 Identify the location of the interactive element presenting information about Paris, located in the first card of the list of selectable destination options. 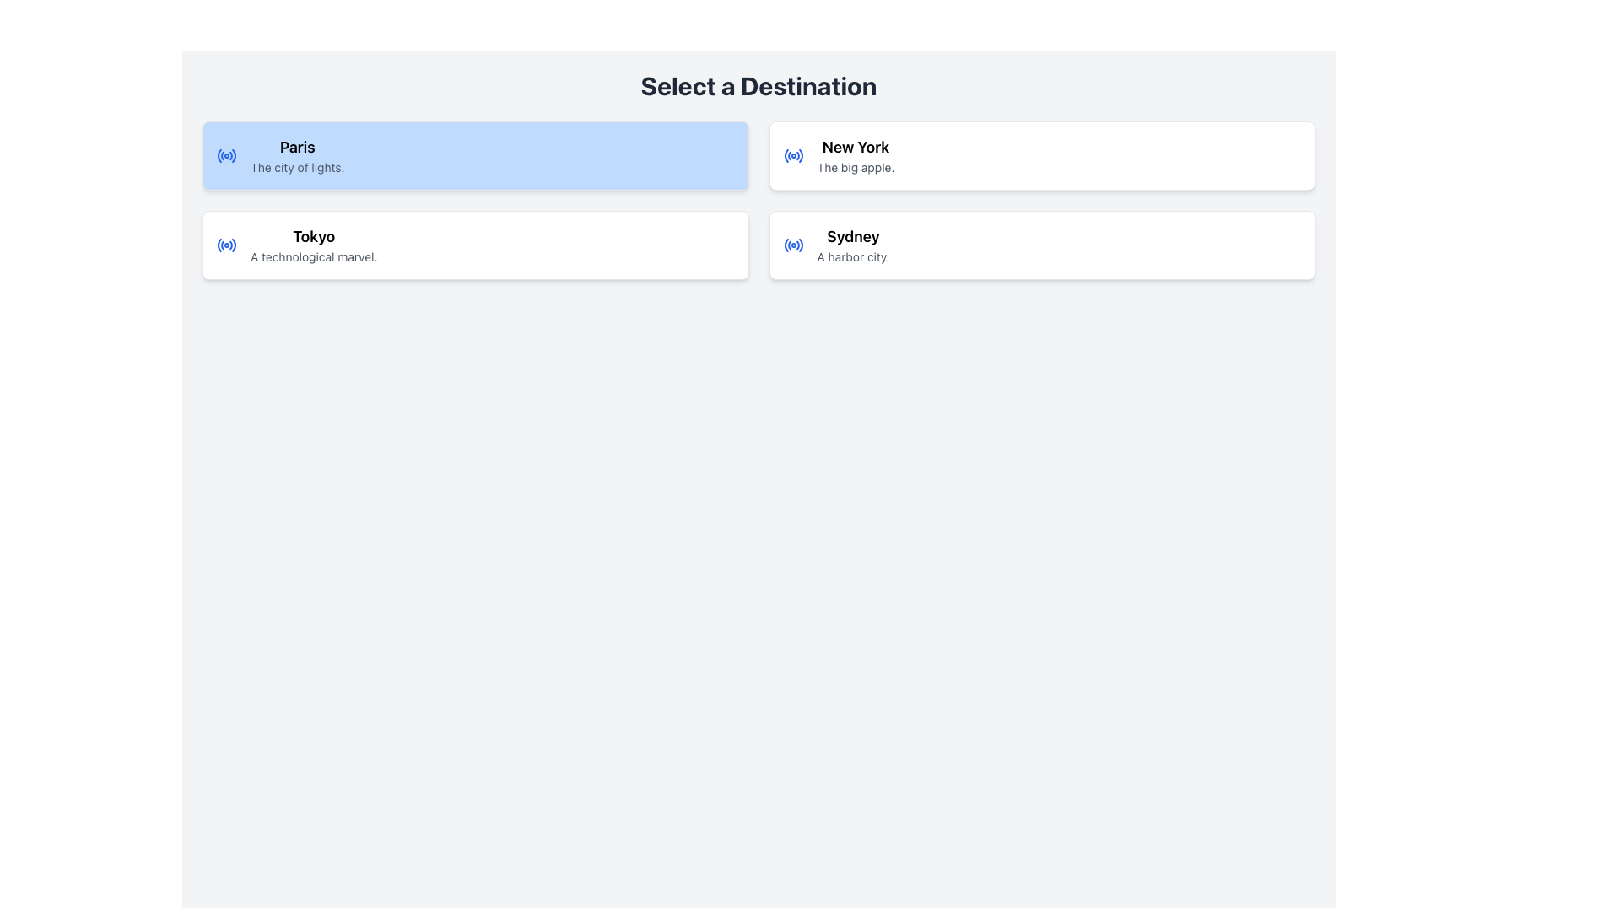
(474, 156).